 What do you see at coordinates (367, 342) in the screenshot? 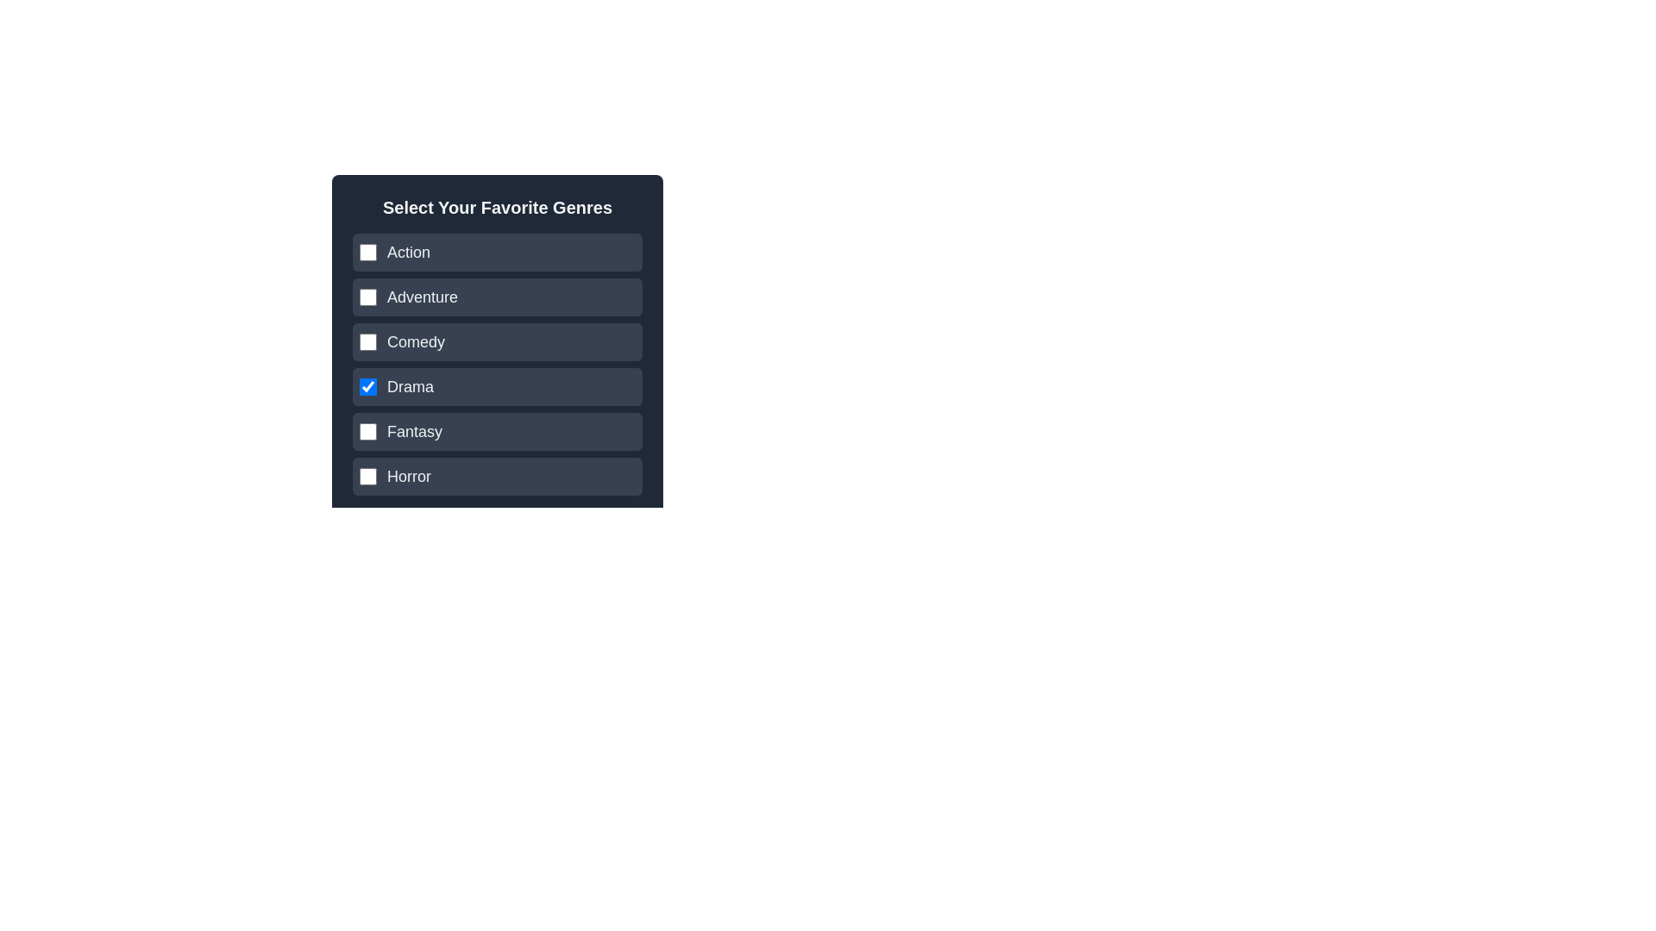
I see `the 'Comedy' checkbox, which is located in the third row of the 'Select Your Favorite Genres' section, to provide visual feedback` at bounding box center [367, 342].